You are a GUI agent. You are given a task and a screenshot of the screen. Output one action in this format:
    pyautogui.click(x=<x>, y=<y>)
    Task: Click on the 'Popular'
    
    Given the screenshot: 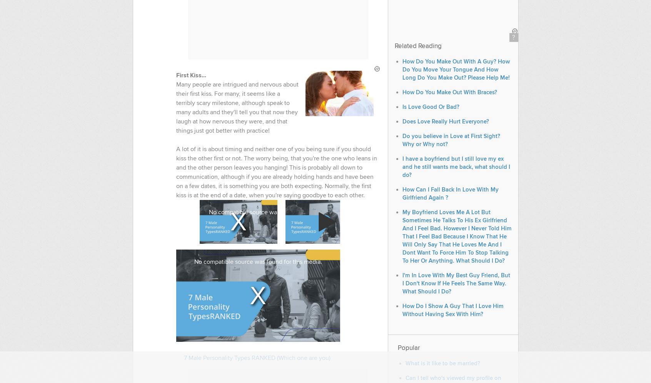 What is the action you would take?
    pyautogui.click(x=397, y=347)
    